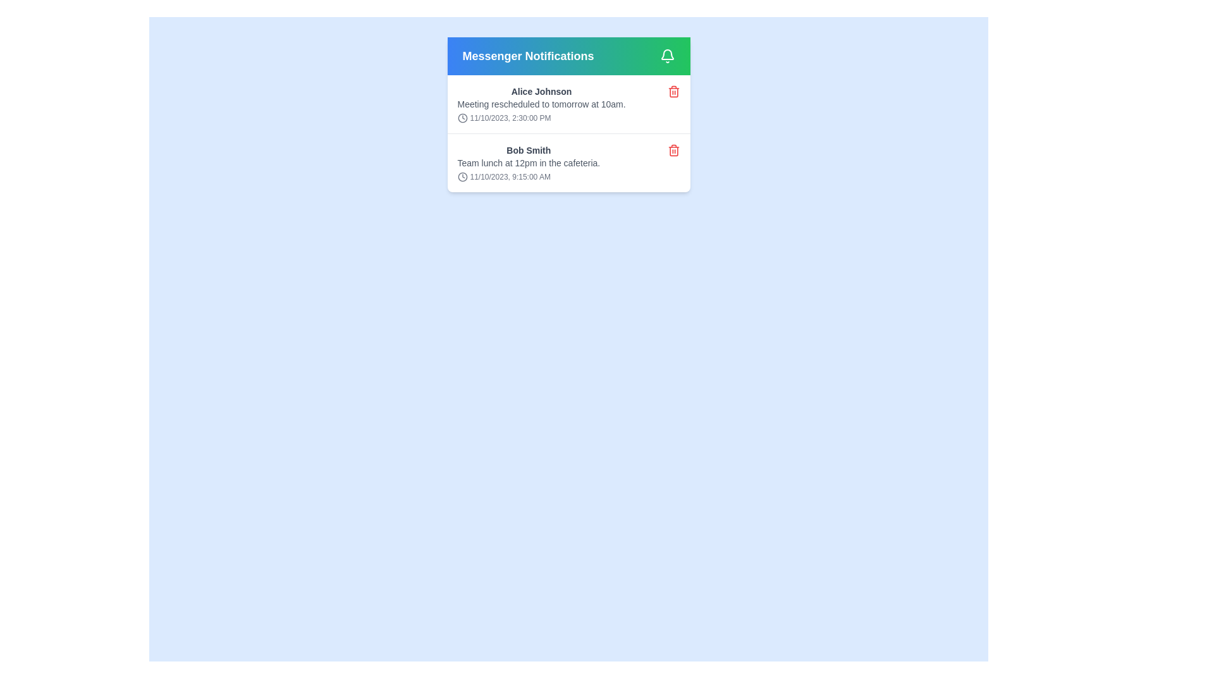  Describe the element at coordinates (529, 150) in the screenshot. I see `text from the Text Label that serves as the title for the notification, identifying the person associated with the message or event` at that location.